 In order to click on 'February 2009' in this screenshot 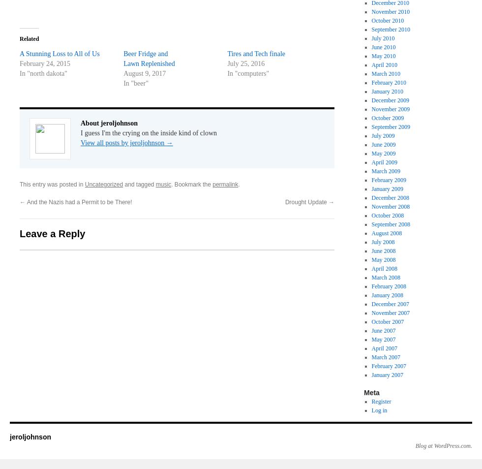, I will do `click(371, 180)`.